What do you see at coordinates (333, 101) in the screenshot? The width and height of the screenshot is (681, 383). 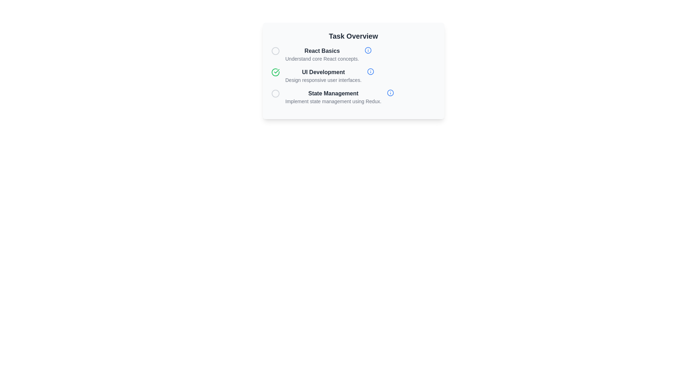 I see `text from the light gray text label that says 'Implement state management using Redux.' located below the 'State Management' header` at bounding box center [333, 101].